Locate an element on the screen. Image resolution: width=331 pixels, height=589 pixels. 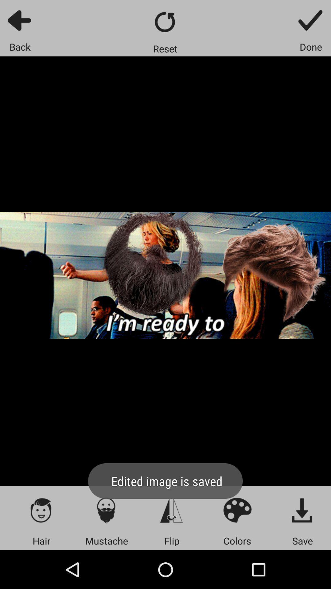
reset is located at coordinates (165, 22).